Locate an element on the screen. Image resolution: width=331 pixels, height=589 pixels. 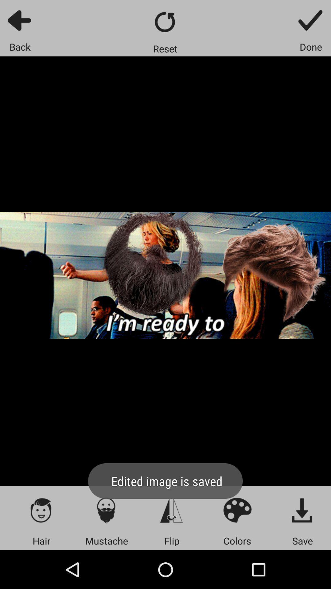
reset is located at coordinates (165, 22).